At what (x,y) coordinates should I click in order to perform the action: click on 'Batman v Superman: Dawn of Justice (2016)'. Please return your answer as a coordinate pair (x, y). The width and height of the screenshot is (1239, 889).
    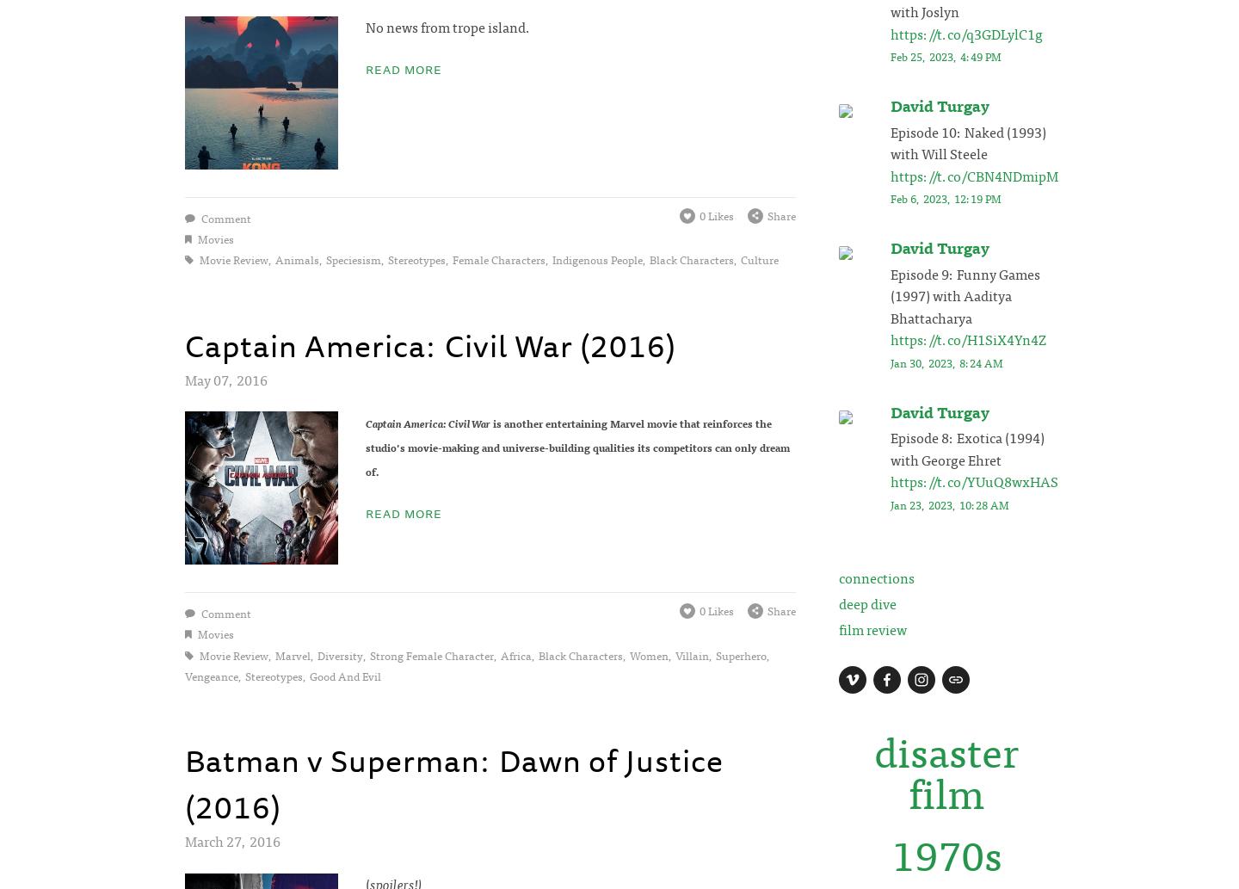
    Looking at the image, I should click on (453, 782).